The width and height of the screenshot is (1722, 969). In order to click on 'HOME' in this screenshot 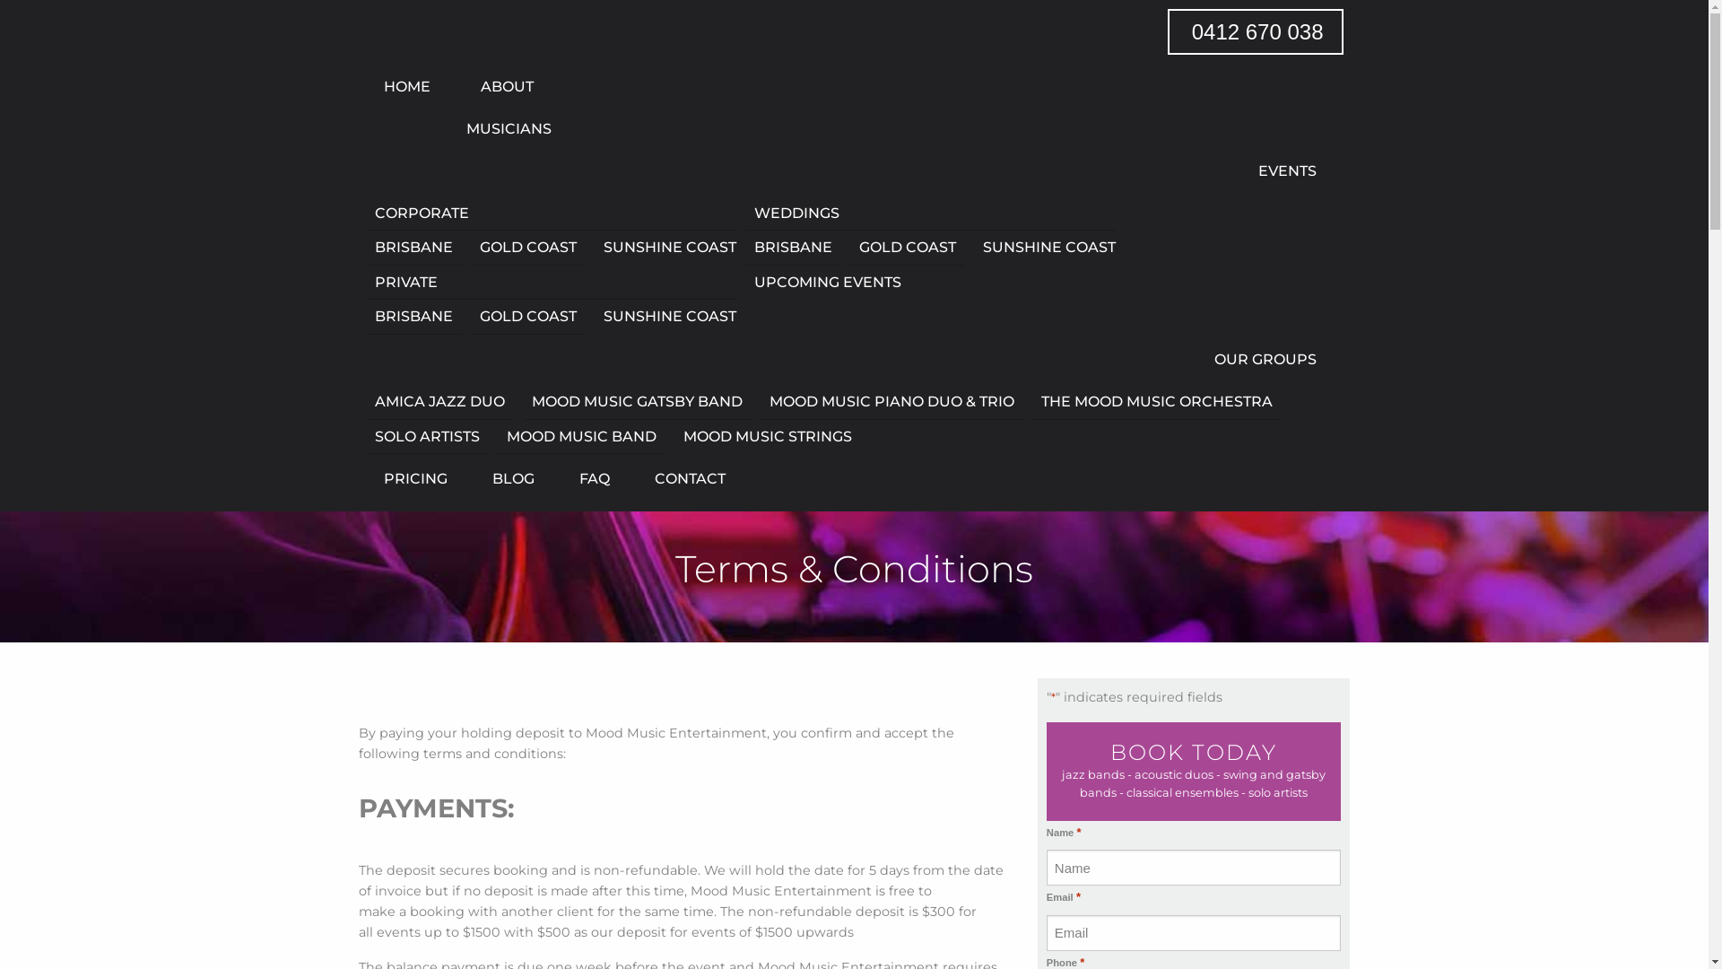, I will do `click(406, 86)`.